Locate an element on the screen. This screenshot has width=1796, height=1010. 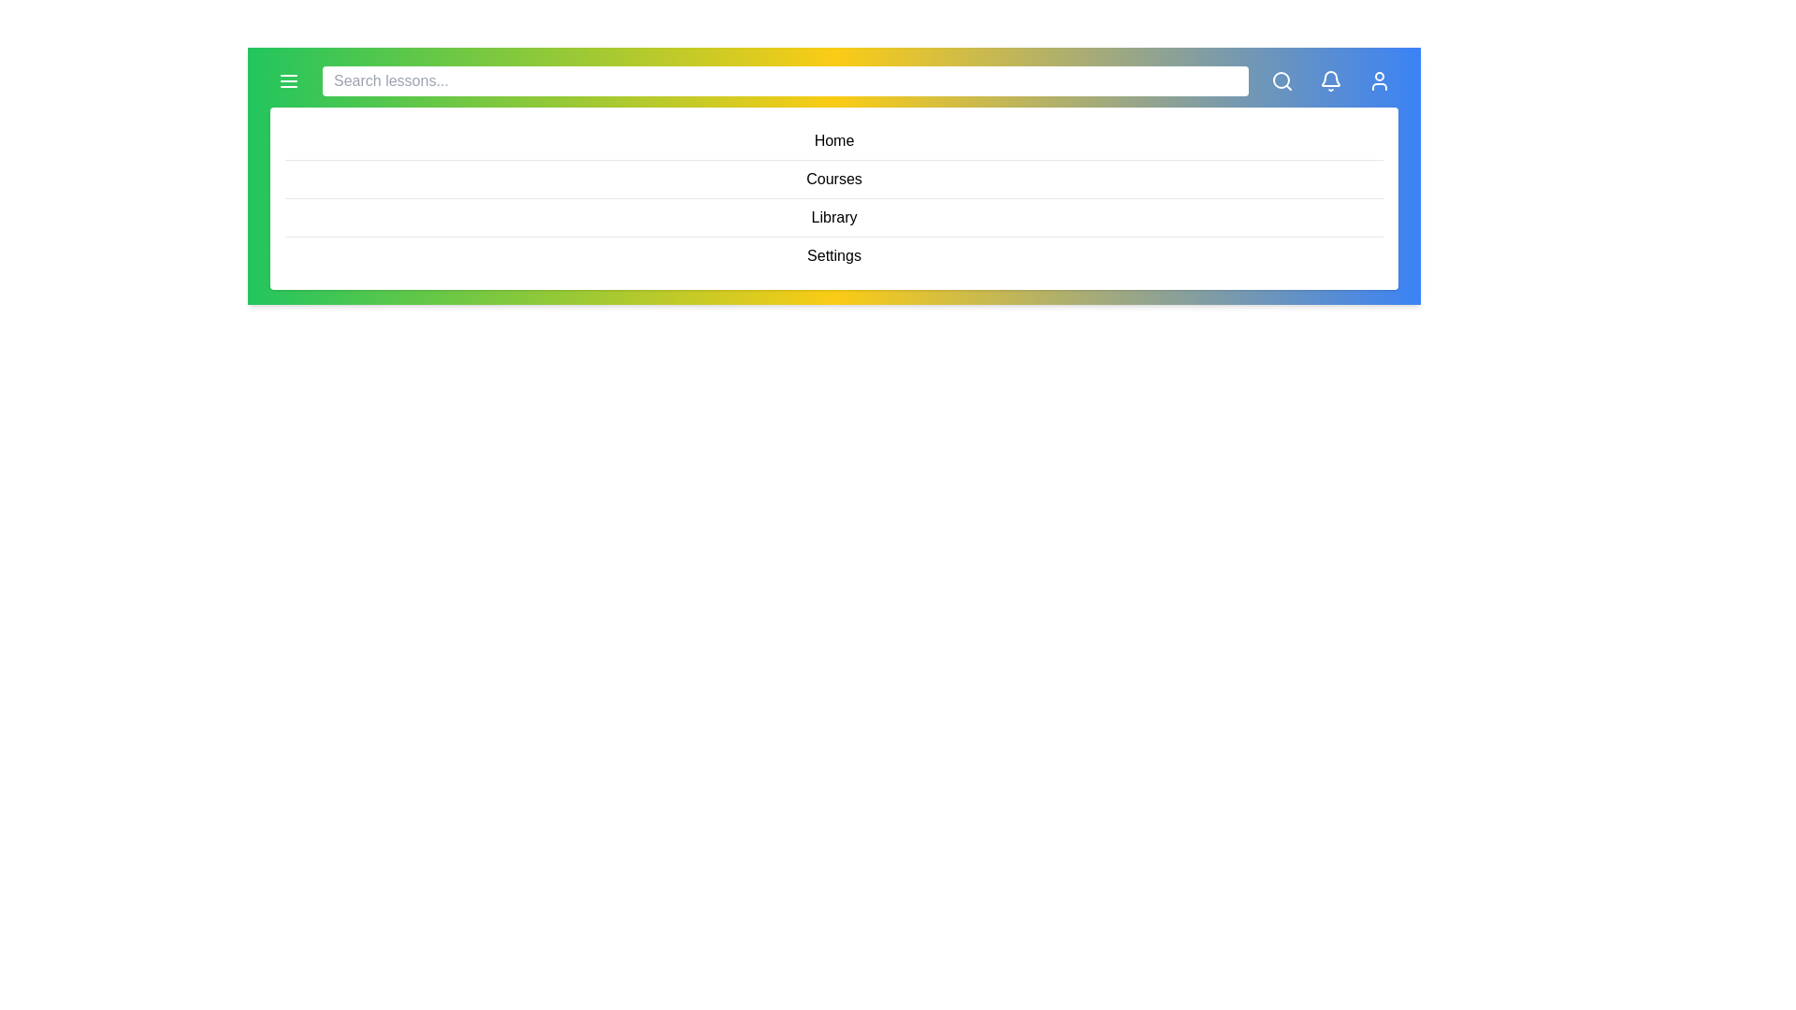
the 'Search' icon in the top-right corner of the app bar is located at coordinates (1282, 80).